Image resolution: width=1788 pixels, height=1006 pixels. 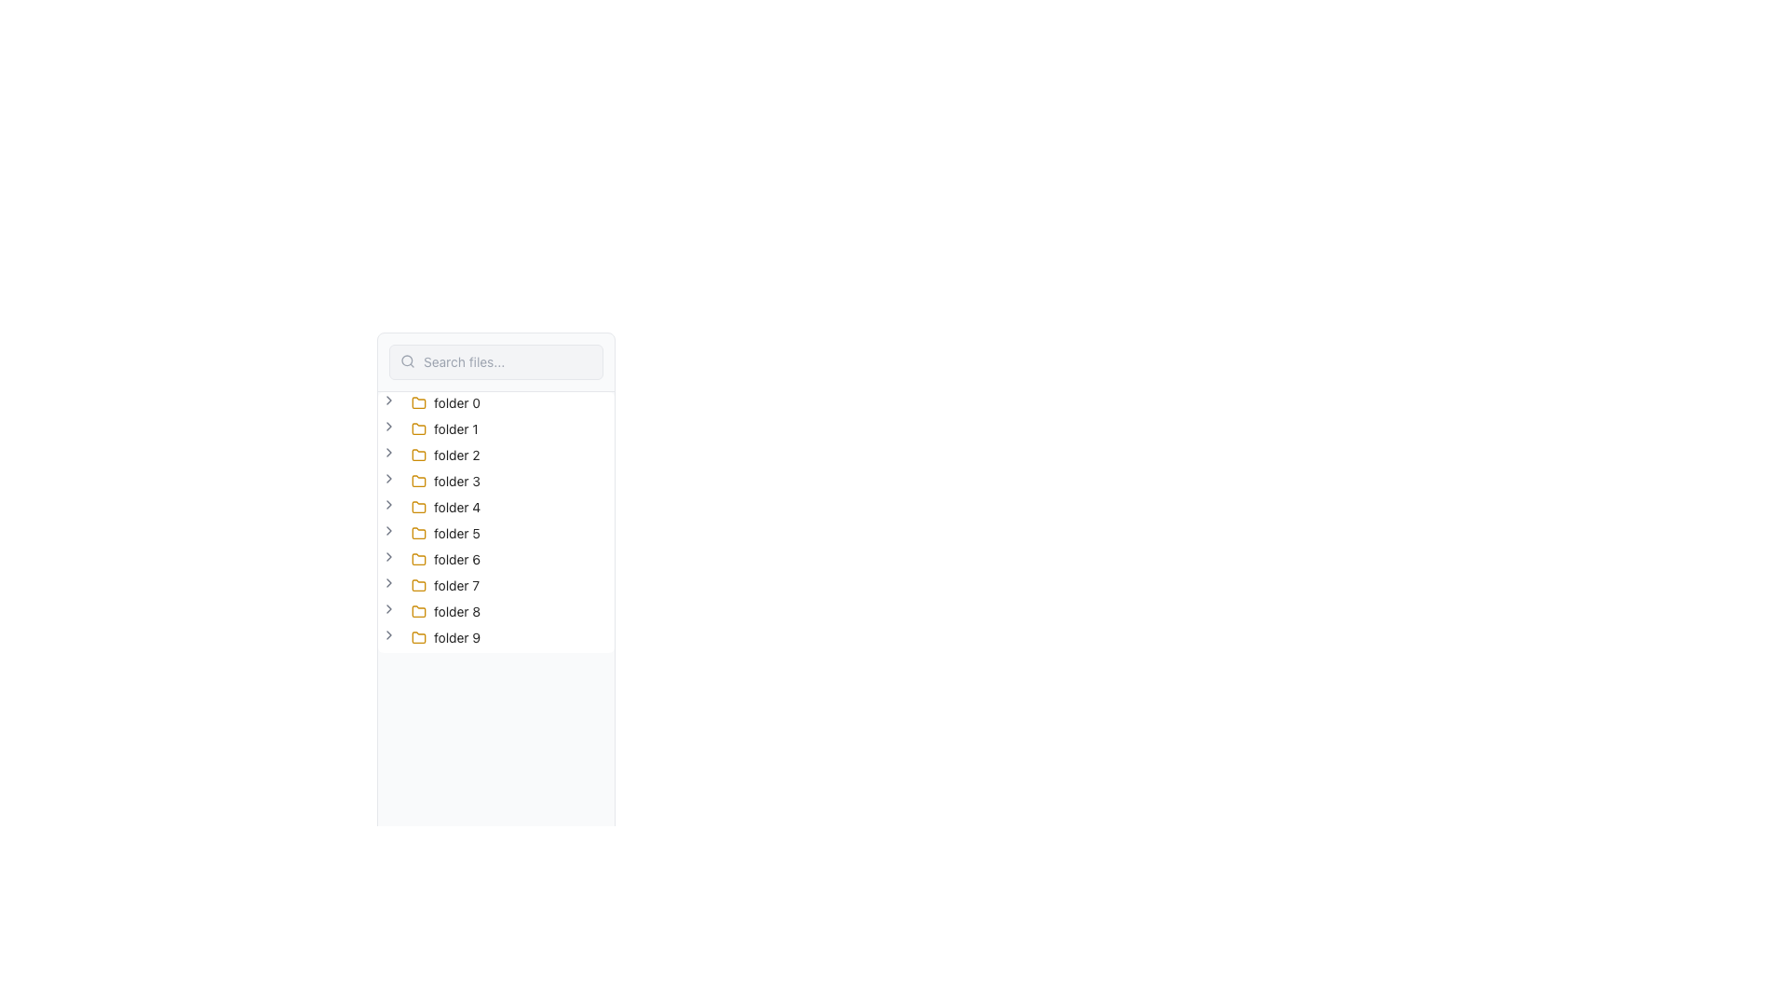 What do you see at coordinates (445, 559) in the screenshot?
I see `the 'folder 6' Tree node content box` at bounding box center [445, 559].